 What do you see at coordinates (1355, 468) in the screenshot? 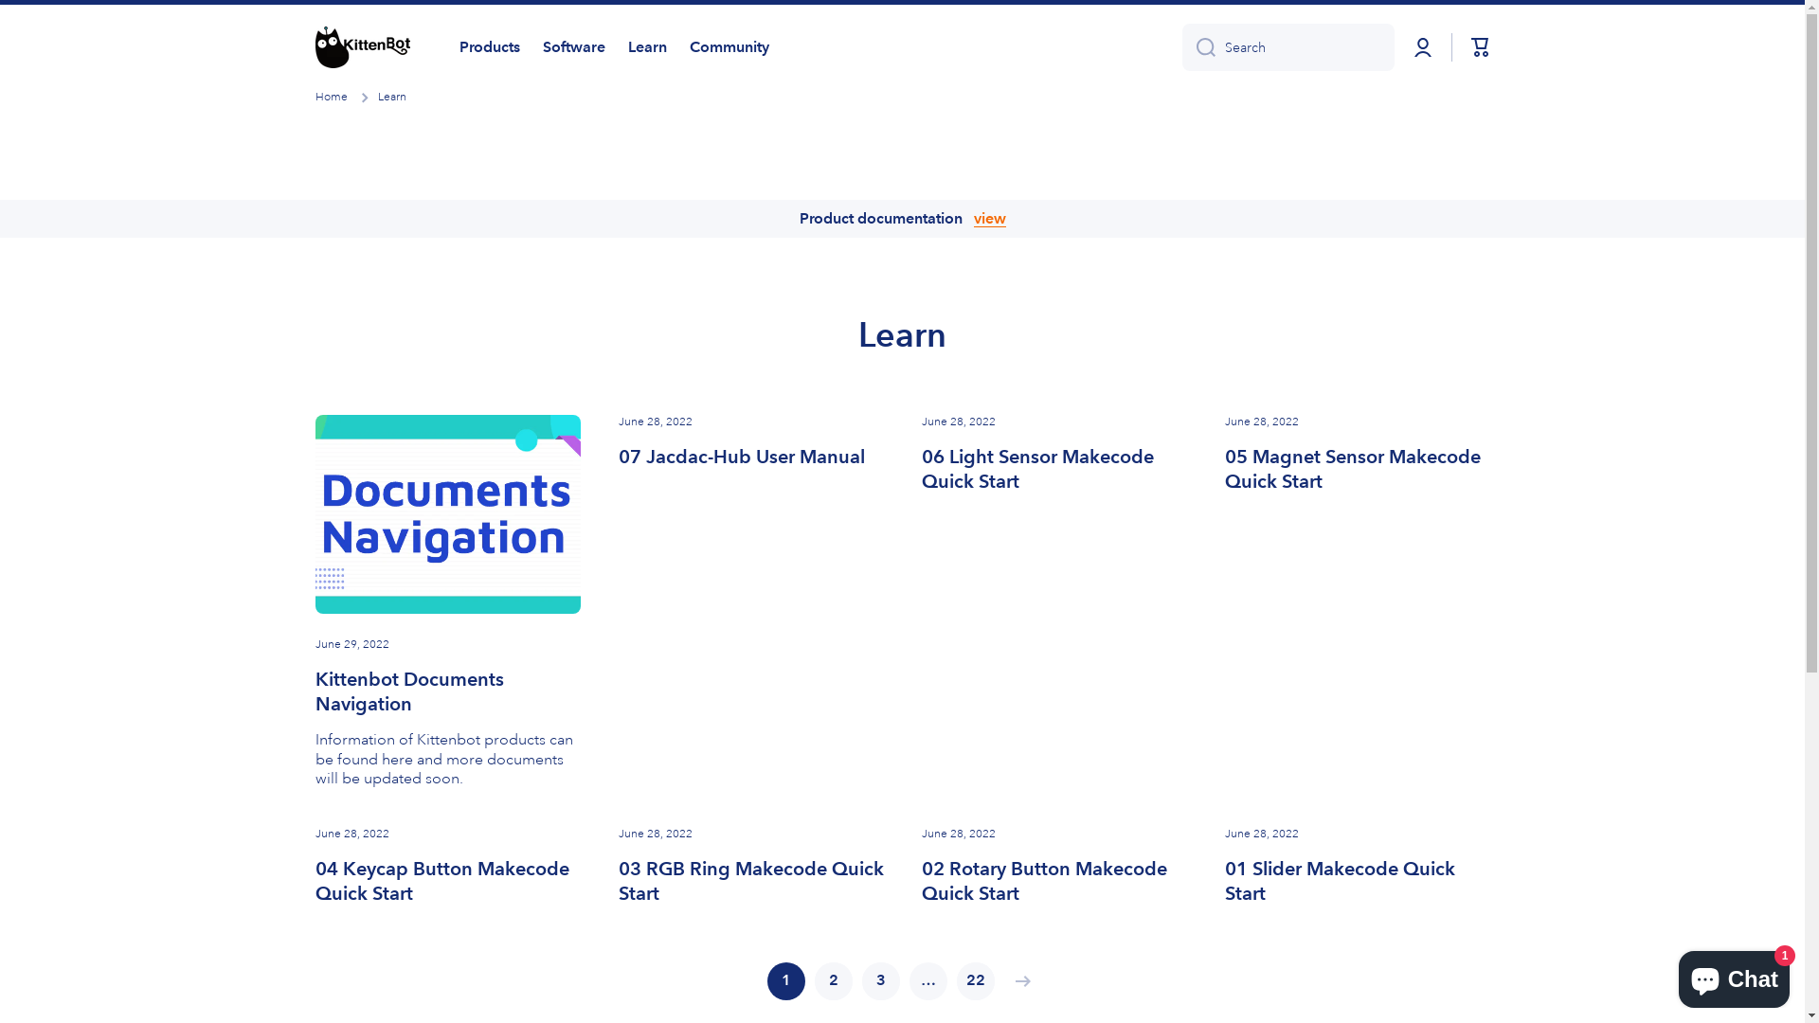
I see `'05 Magnet Sensor Makecode Quick Start'` at bounding box center [1355, 468].